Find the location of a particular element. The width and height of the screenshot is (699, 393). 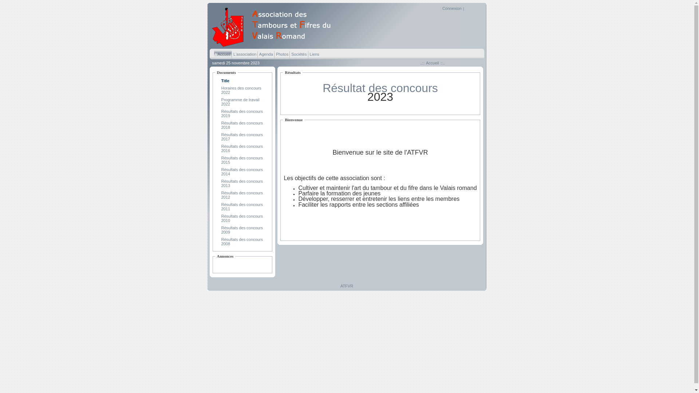

' Agenda ' is located at coordinates (265, 53).